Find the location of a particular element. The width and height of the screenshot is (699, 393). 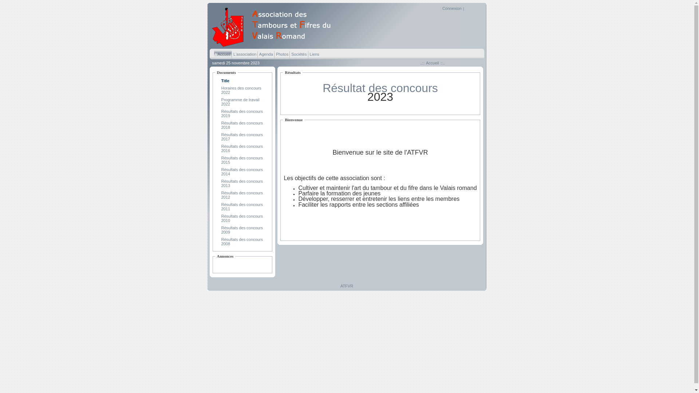

' Agenda ' is located at coordinates (265, 53).